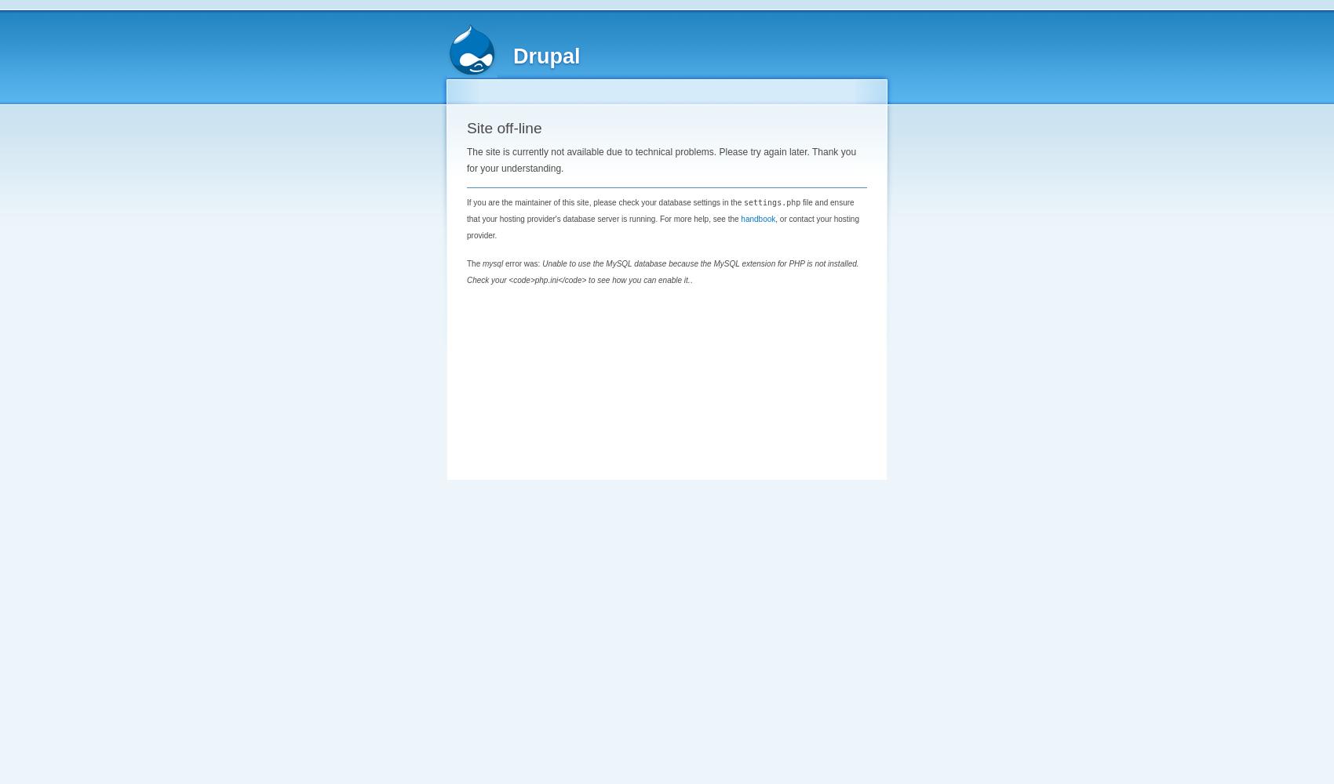 The height and width of the screenshot is (784, 1334). Describe the element at coordinates (474, 263) in the screenshot. I see `'The'` at that location.